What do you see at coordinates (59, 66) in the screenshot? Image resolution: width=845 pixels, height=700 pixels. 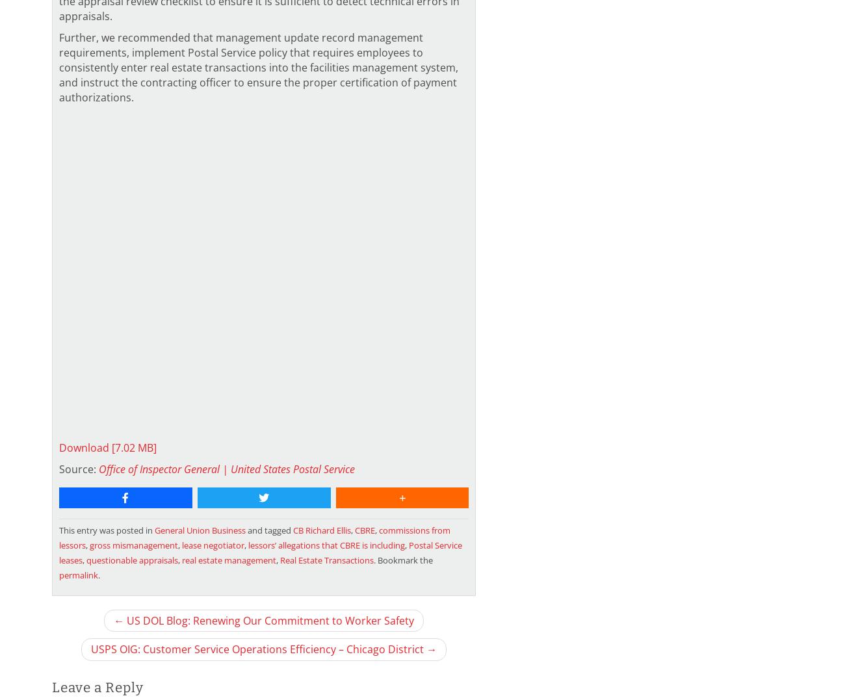 I see `'Further, we recommended that management update record management requirements, implement Postal Service policy that requires employees to consistently enter real estate transactions into the facilities management system, and instruct the contracting officer to ensure the proper certification of payment authorizations.'` at bounding box center [59, 66].